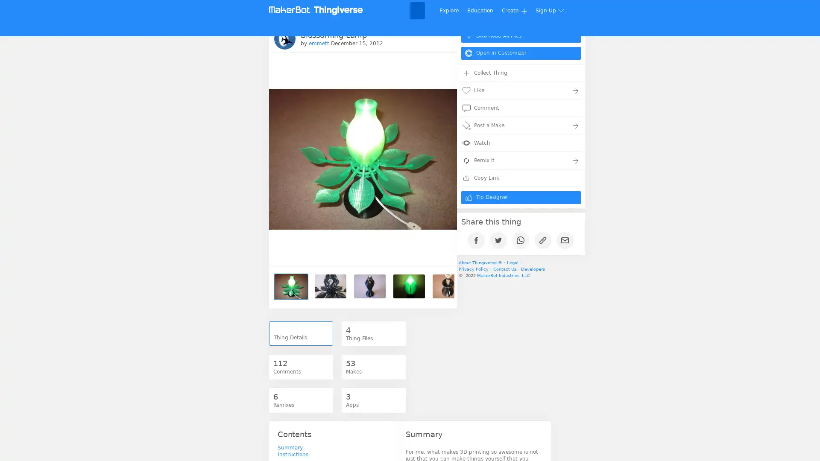 Image resolution: width=820 pixels, height=461 pixels. What do you see at coordinates (448, 10) in the screenshot?
I see `Explore` at bounding box center [448, 10].